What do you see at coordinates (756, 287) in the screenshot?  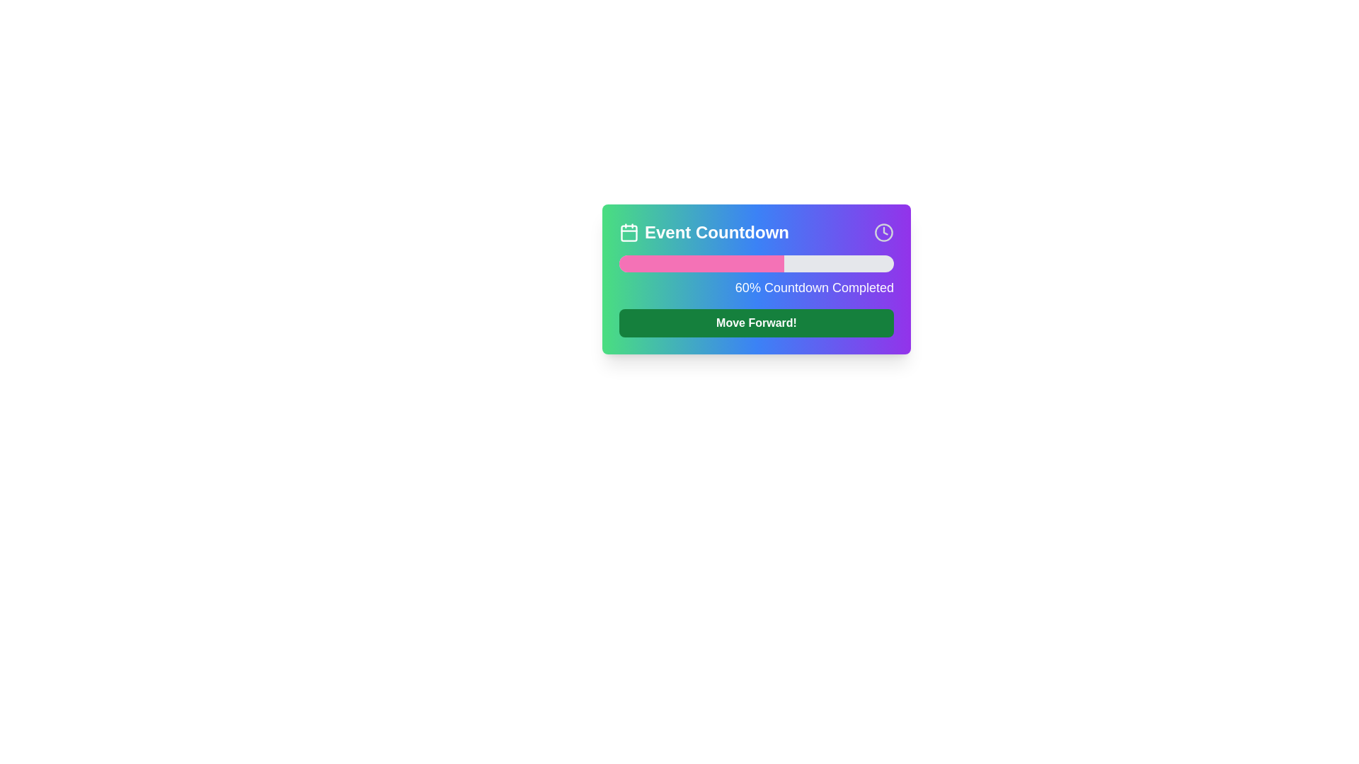 I see `the static text label that reads '60% Countdown Completed', which is styled with white, bold, medium-sized font and is positioned right-aligned beneath the progress bar` at bounding box center [756, 287].